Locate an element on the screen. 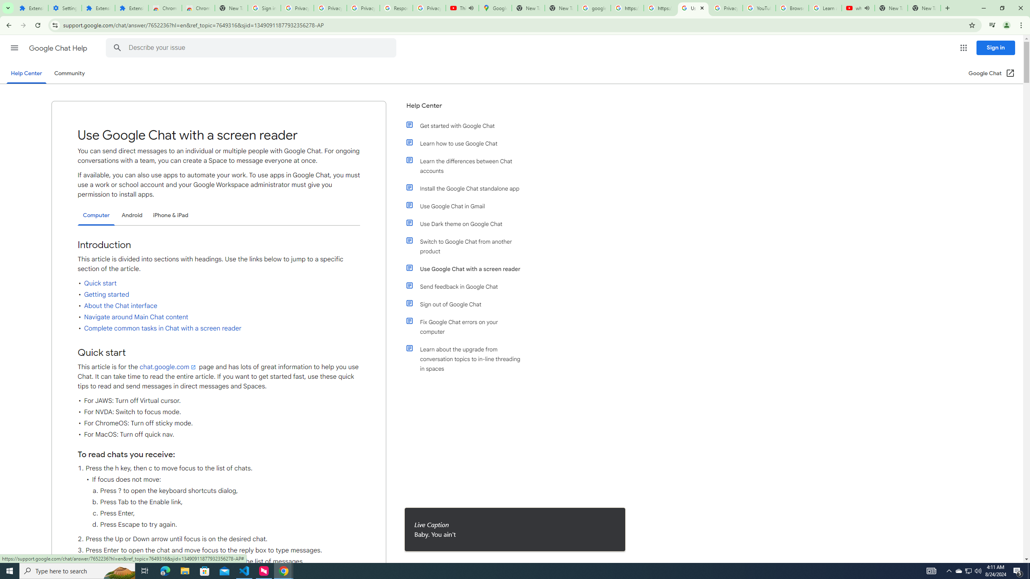  'Google Maps' is located at coordinates (495, 8).